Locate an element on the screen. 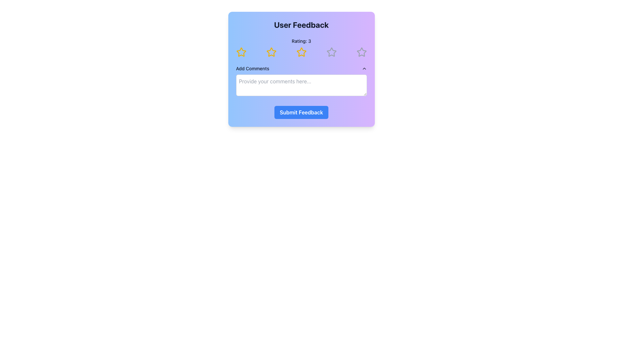  the 'Submit Feedback' button, which has a blue background and white bold text, located centrally at the bottom of the feedback card is located at coordinates (301, 112).